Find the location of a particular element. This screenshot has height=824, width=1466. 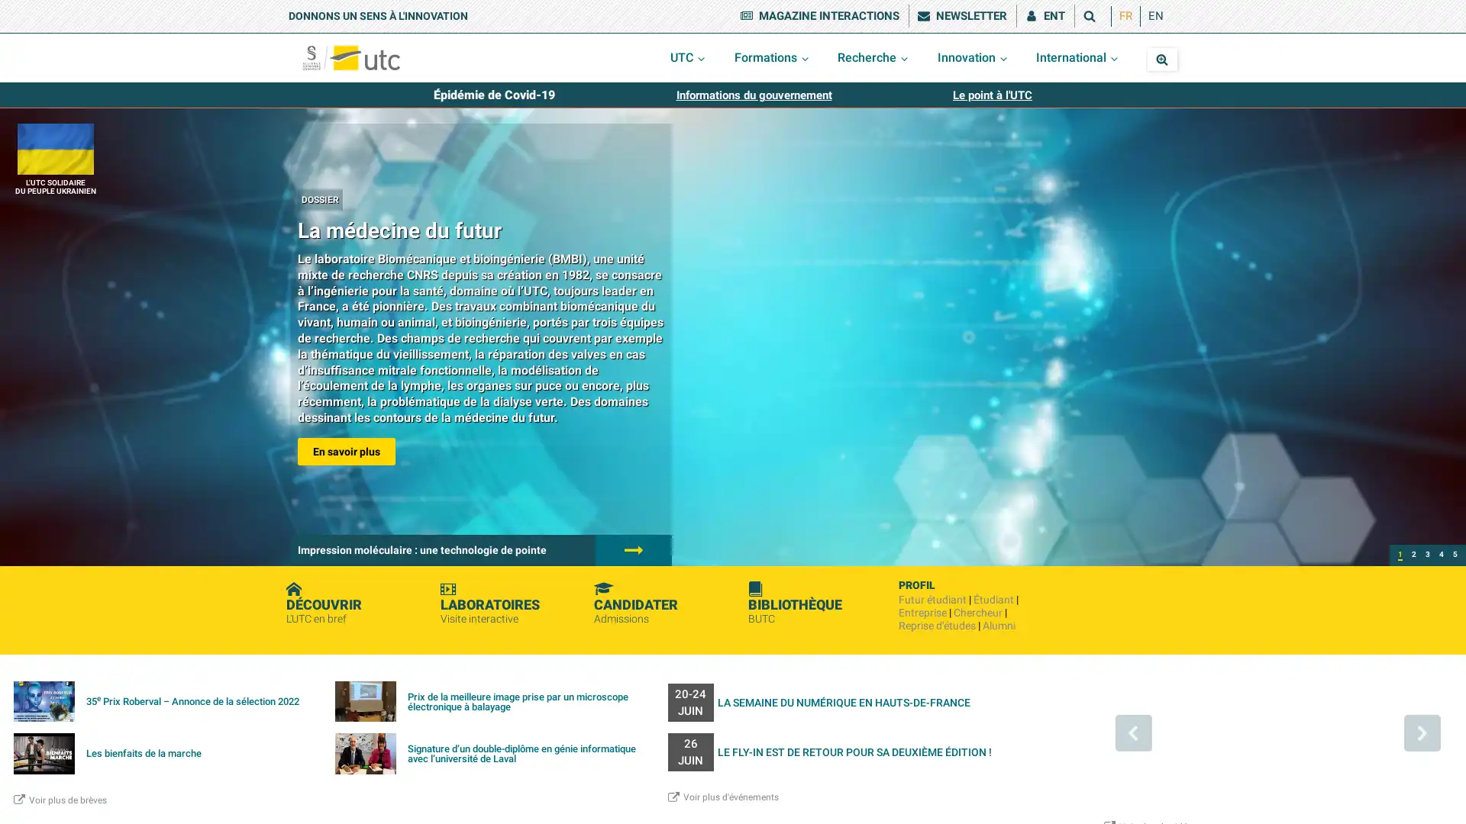

Impression moleculaire : une technologie de pointe is located at coordinates (1413, 555).